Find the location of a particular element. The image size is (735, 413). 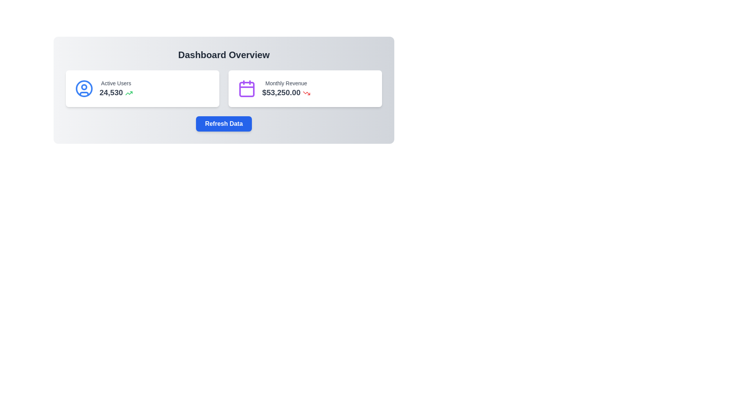

the refresh button located at the bottom of the card-like panel under 'Dashboard Overview' to refresh the data displayed in the dashboard is located at coordinates (224, 124).